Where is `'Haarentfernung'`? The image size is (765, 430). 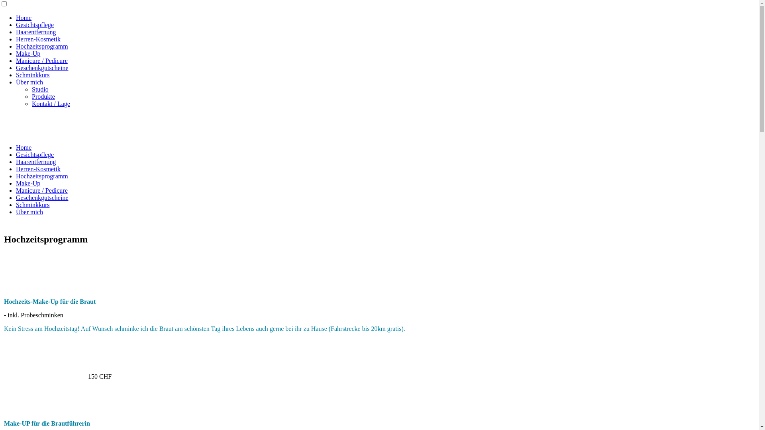 'Haarentfernung' is located at coordinates (35, 31).